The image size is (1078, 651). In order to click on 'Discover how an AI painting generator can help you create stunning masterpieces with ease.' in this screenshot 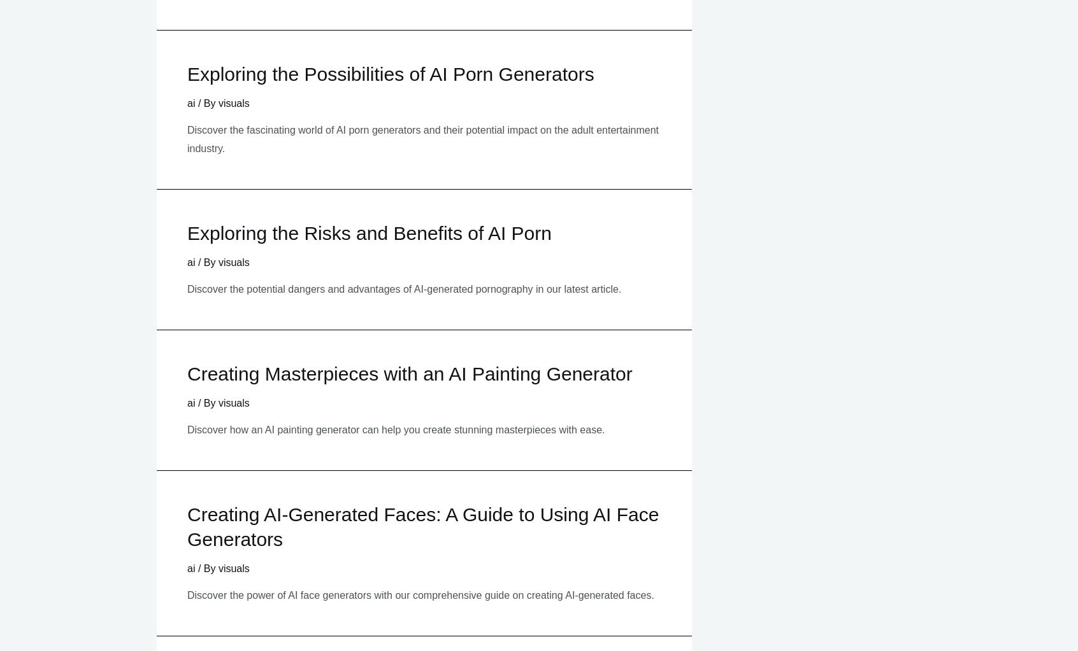, I will do `click(187, 429)`.